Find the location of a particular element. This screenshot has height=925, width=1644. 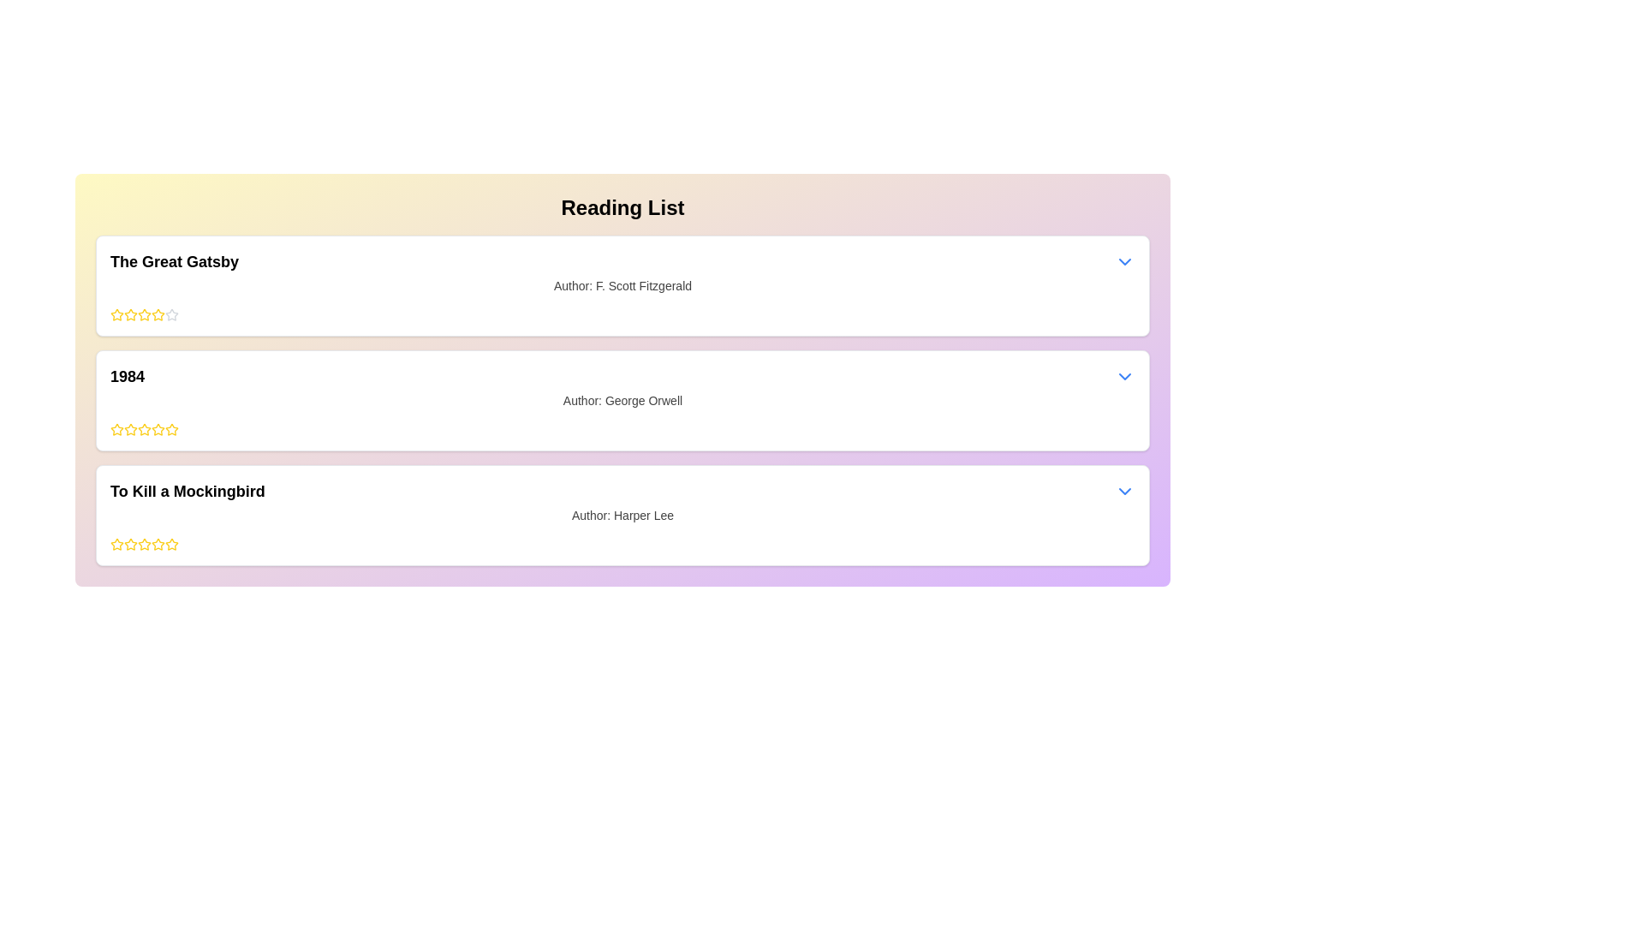

the sixth star icon in the star rating section under the third card for the book 'To Kill a Mockingbird' is located at coordinates (158, 545).